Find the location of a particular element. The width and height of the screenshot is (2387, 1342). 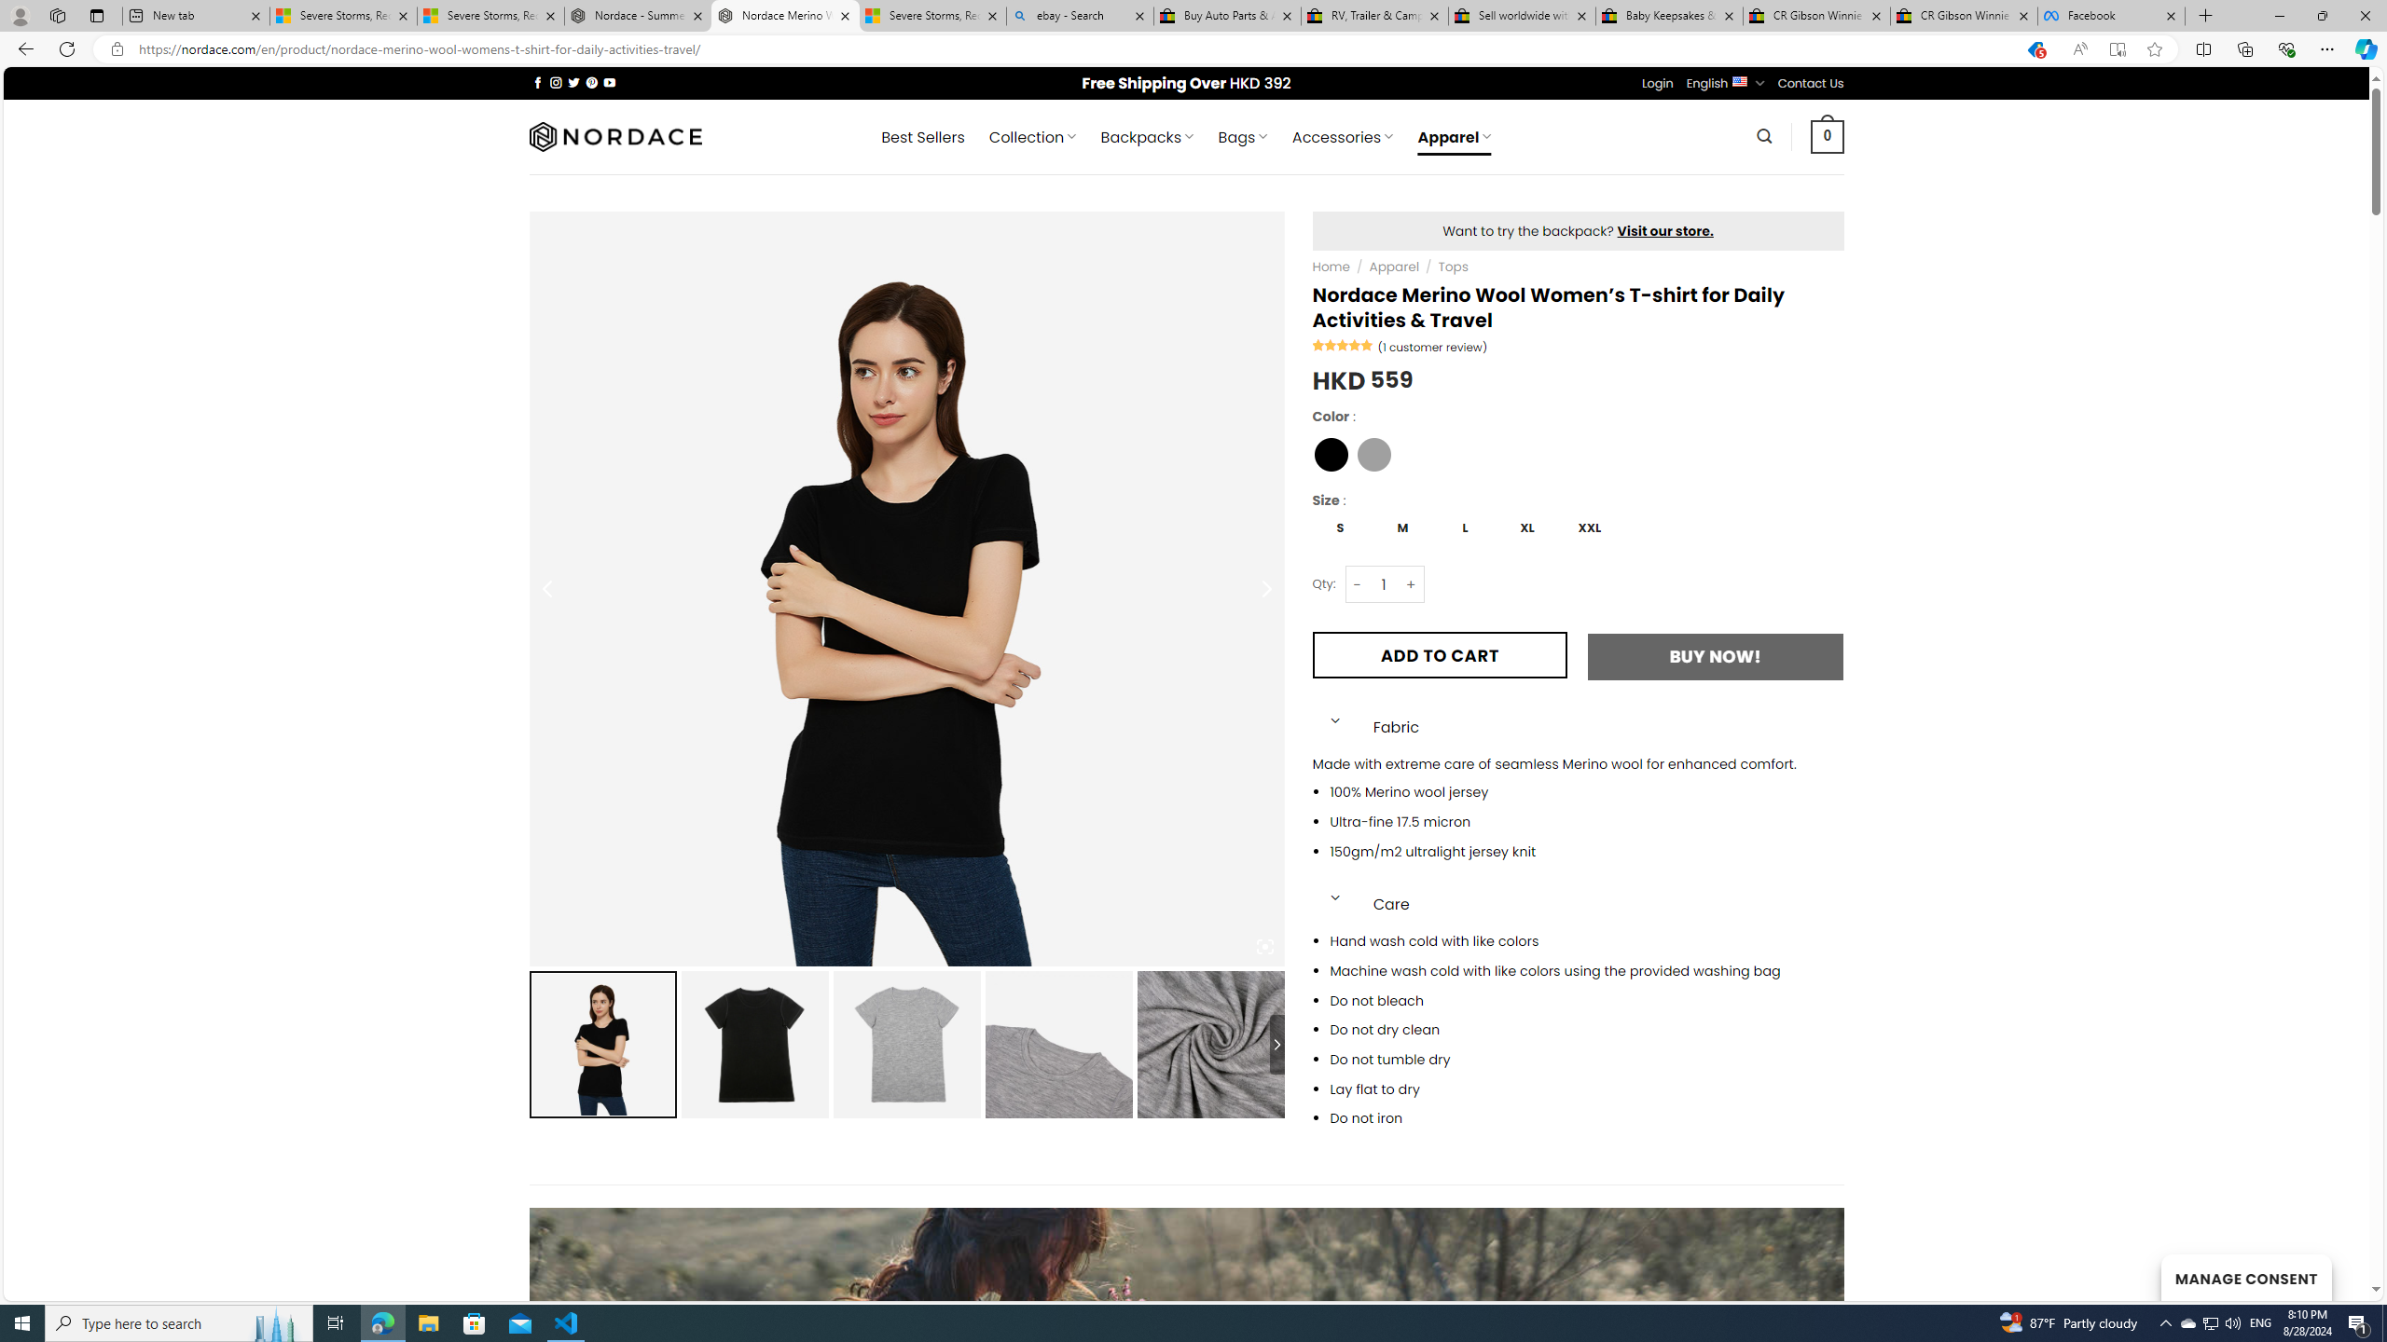

'+' is located at coordinates (1411, 584).